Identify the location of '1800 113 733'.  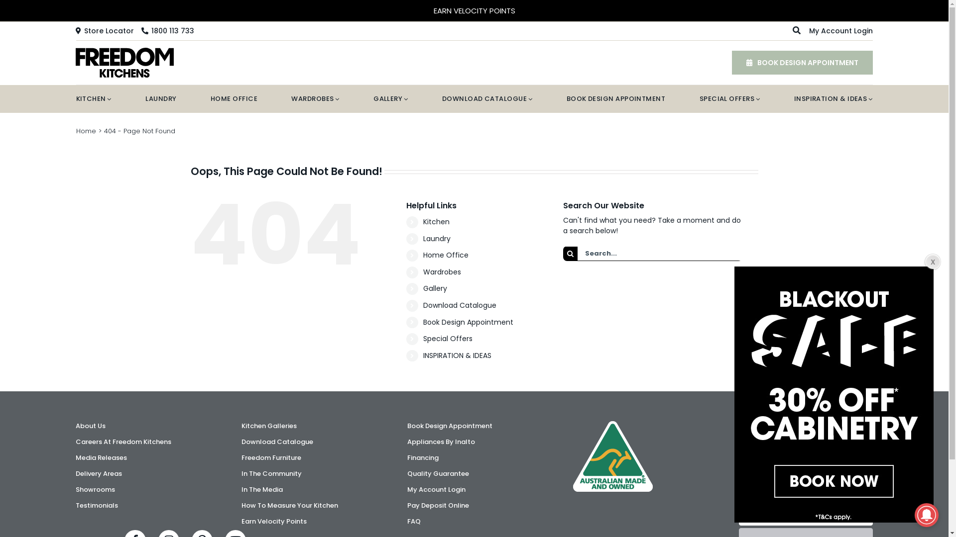
(167, 30).